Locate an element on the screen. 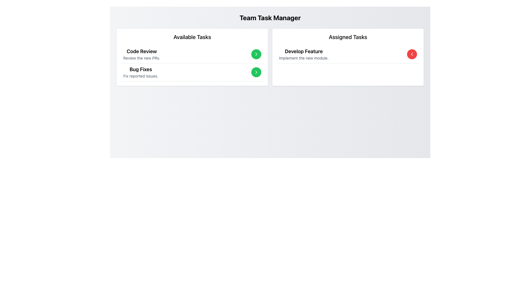  the 'Bug Fixes' text content block in the 'Available Tasks' column of the 'Team Task Manager' interface is located at coordinates (141, 72).